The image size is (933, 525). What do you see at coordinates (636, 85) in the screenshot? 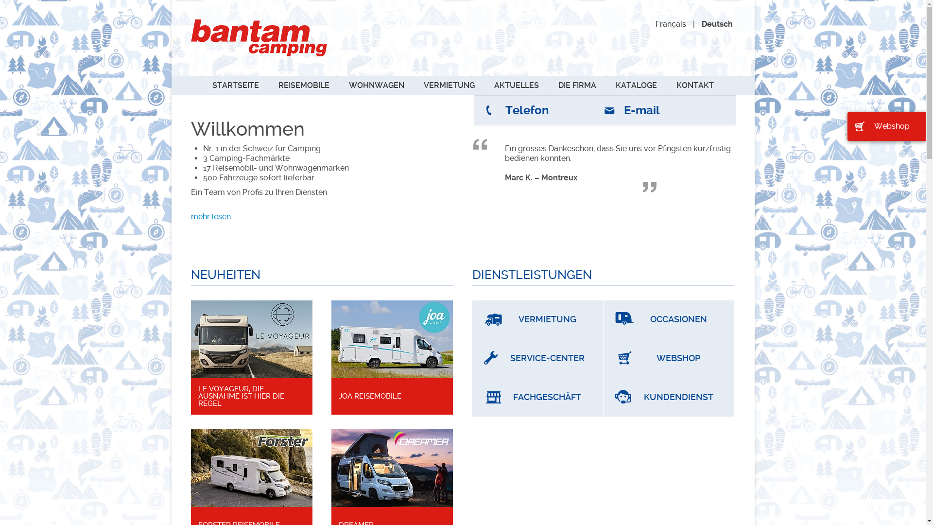
I see `'KATALOGE'` at bounding box center [636, 85].